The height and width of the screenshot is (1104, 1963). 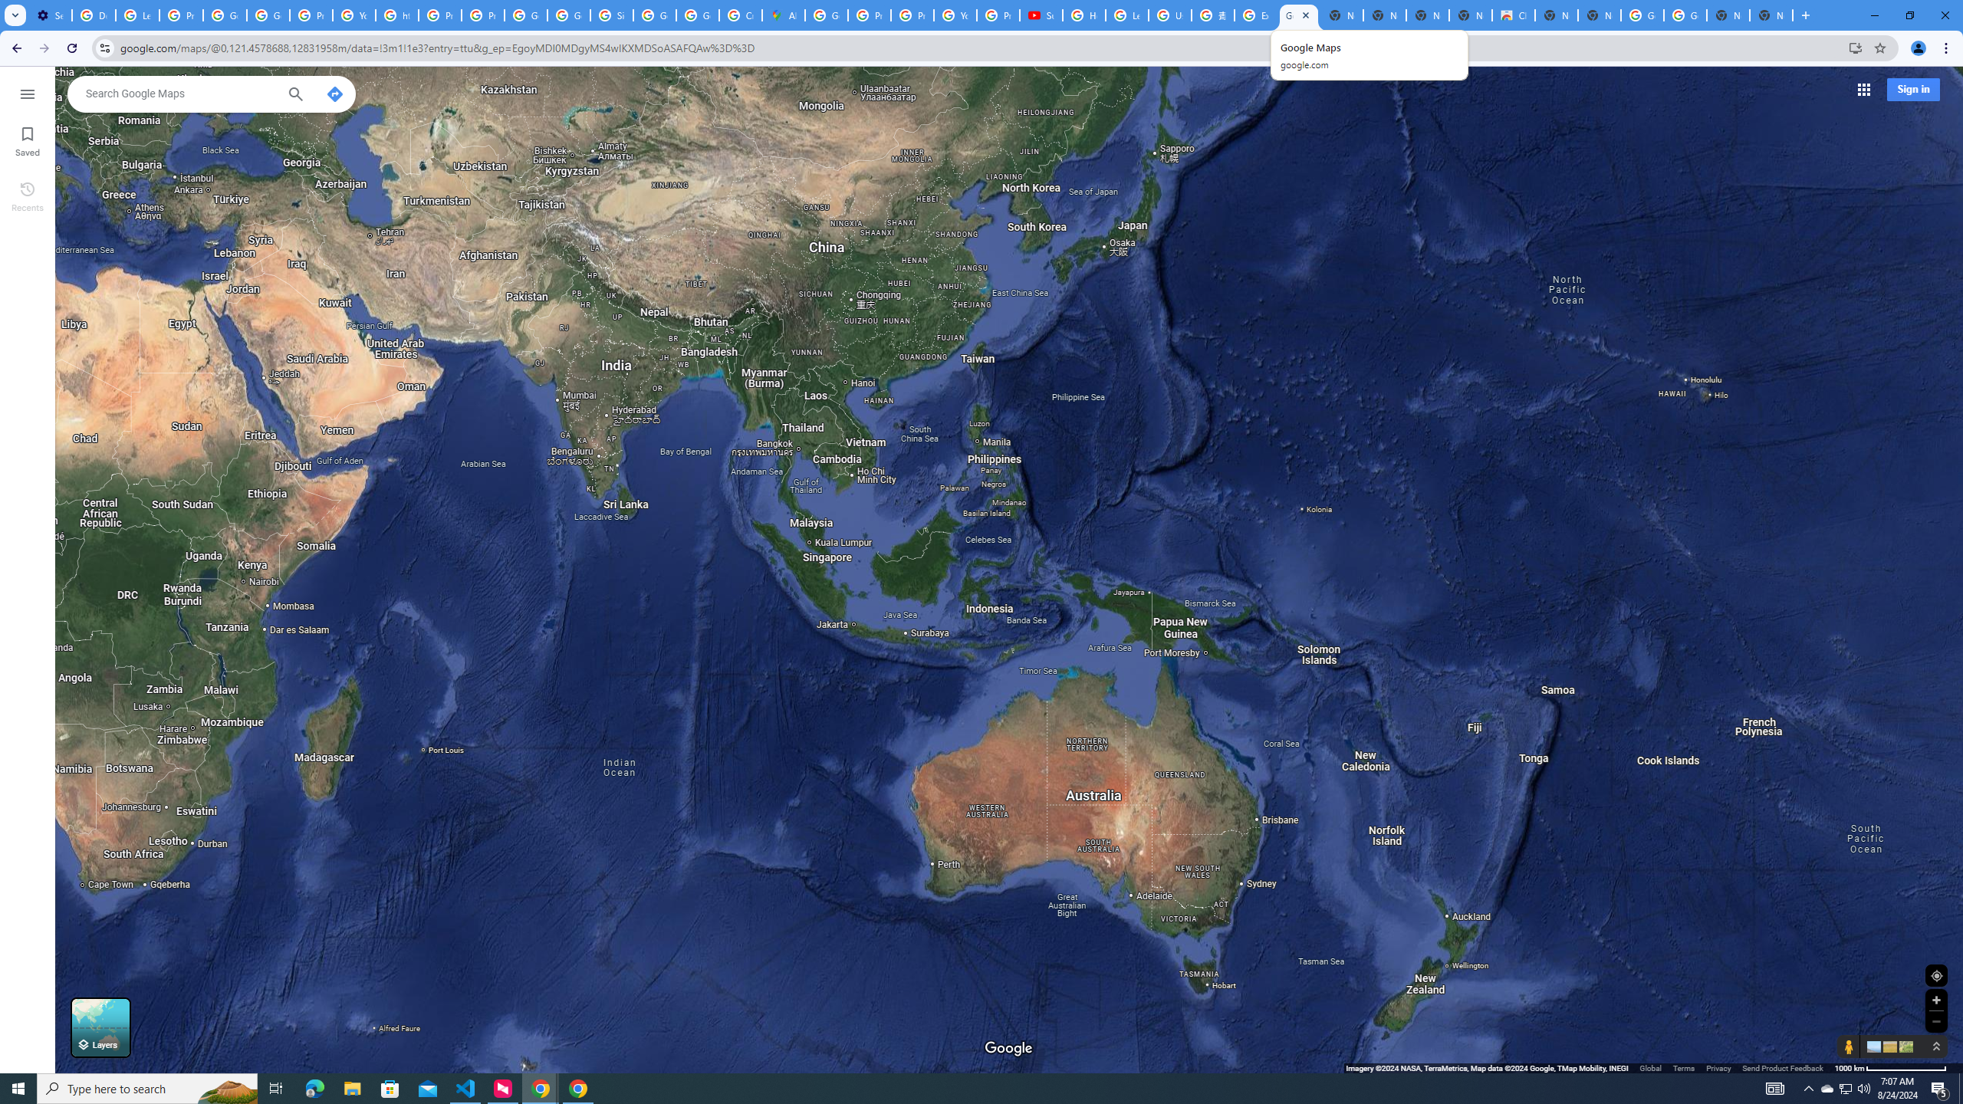 What do you see at coordinates (1041, 15) in the screenshot?
I see `'Subscriptions - YouTube'` at bounding box center [1041, 15].